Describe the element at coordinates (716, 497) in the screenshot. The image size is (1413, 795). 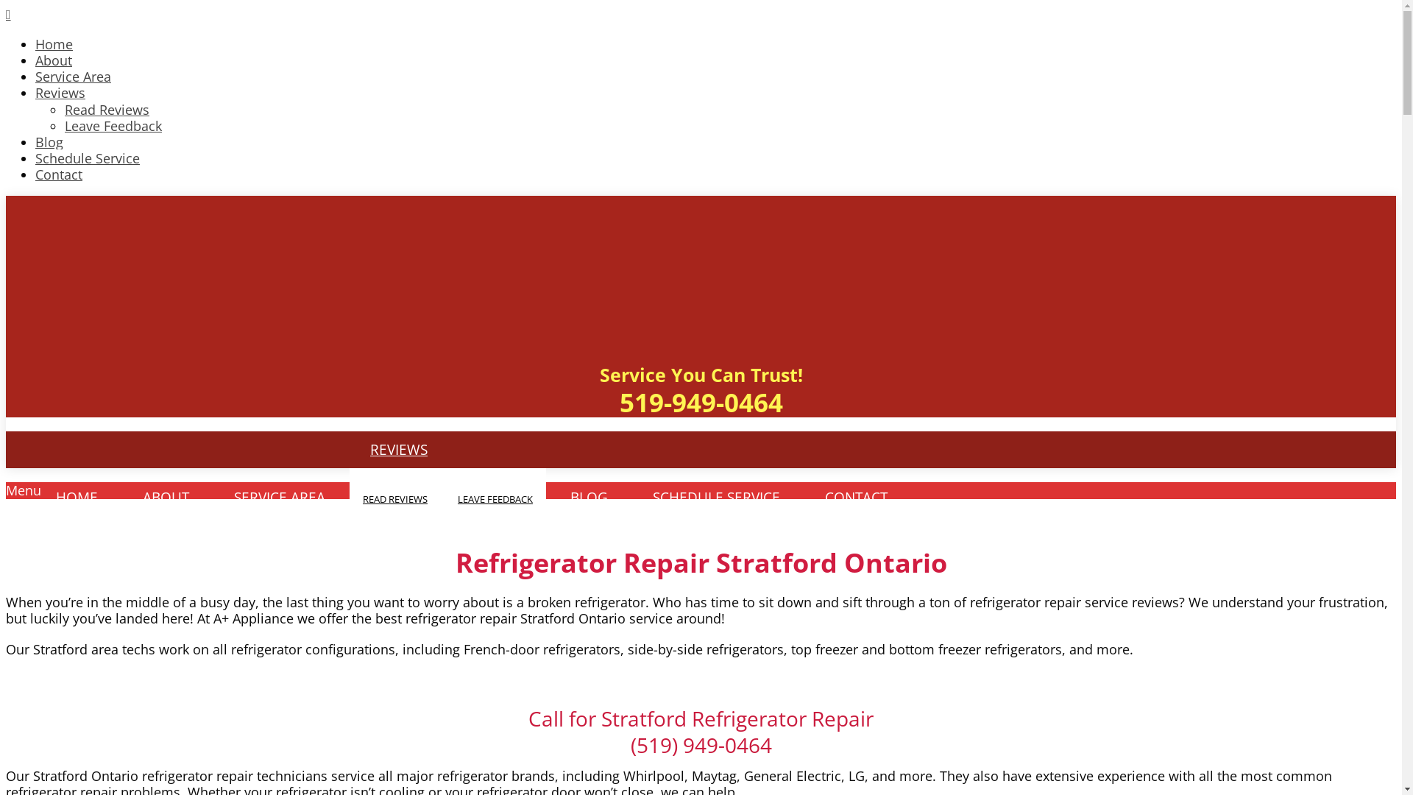
I see `'SCHEDULE SERVICE'` at that location.